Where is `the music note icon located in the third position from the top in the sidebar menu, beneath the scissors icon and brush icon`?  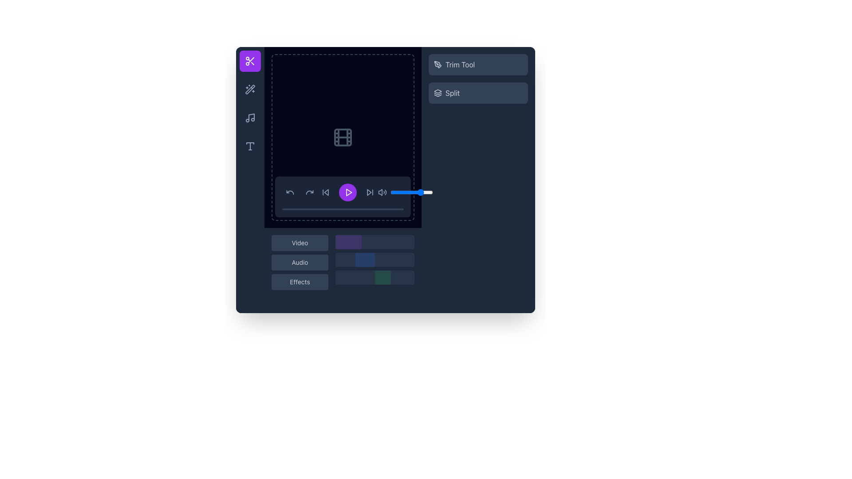
the music note icon located in the third position from the top in the sidebar menu, beneath the scissors icon and brush icon is located at coordinates (251, 116).